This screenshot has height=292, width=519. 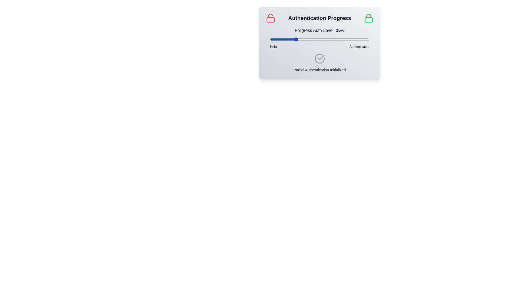 I want to click on the slider to set the authentication level to 9, so click(x=279, y=39).